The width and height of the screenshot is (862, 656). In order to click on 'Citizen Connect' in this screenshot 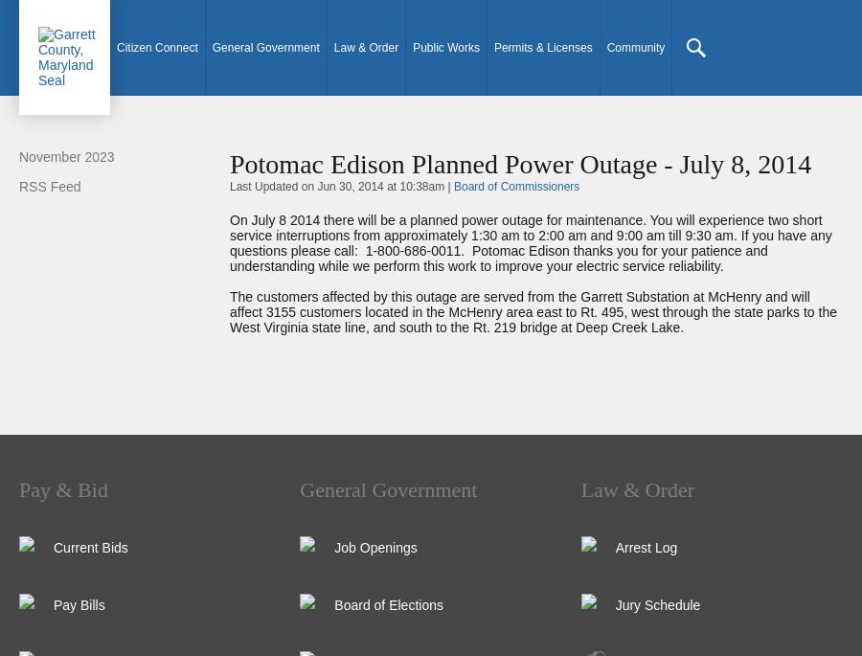, I will do `click(117, 48)`.